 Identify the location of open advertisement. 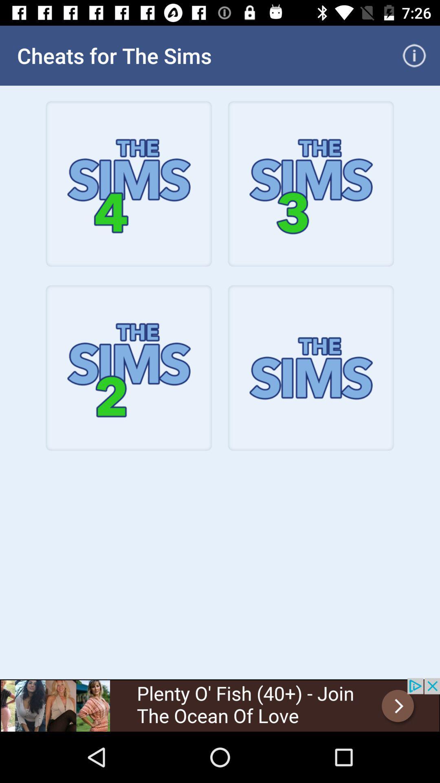
(220, 704).